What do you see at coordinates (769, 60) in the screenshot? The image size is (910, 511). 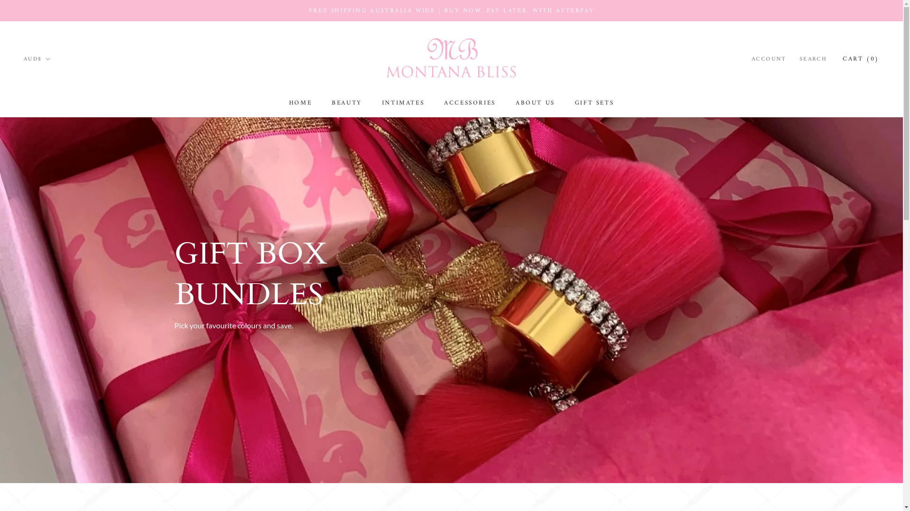 I see `'ACCOUNT'` at bounding box center [769, 60].